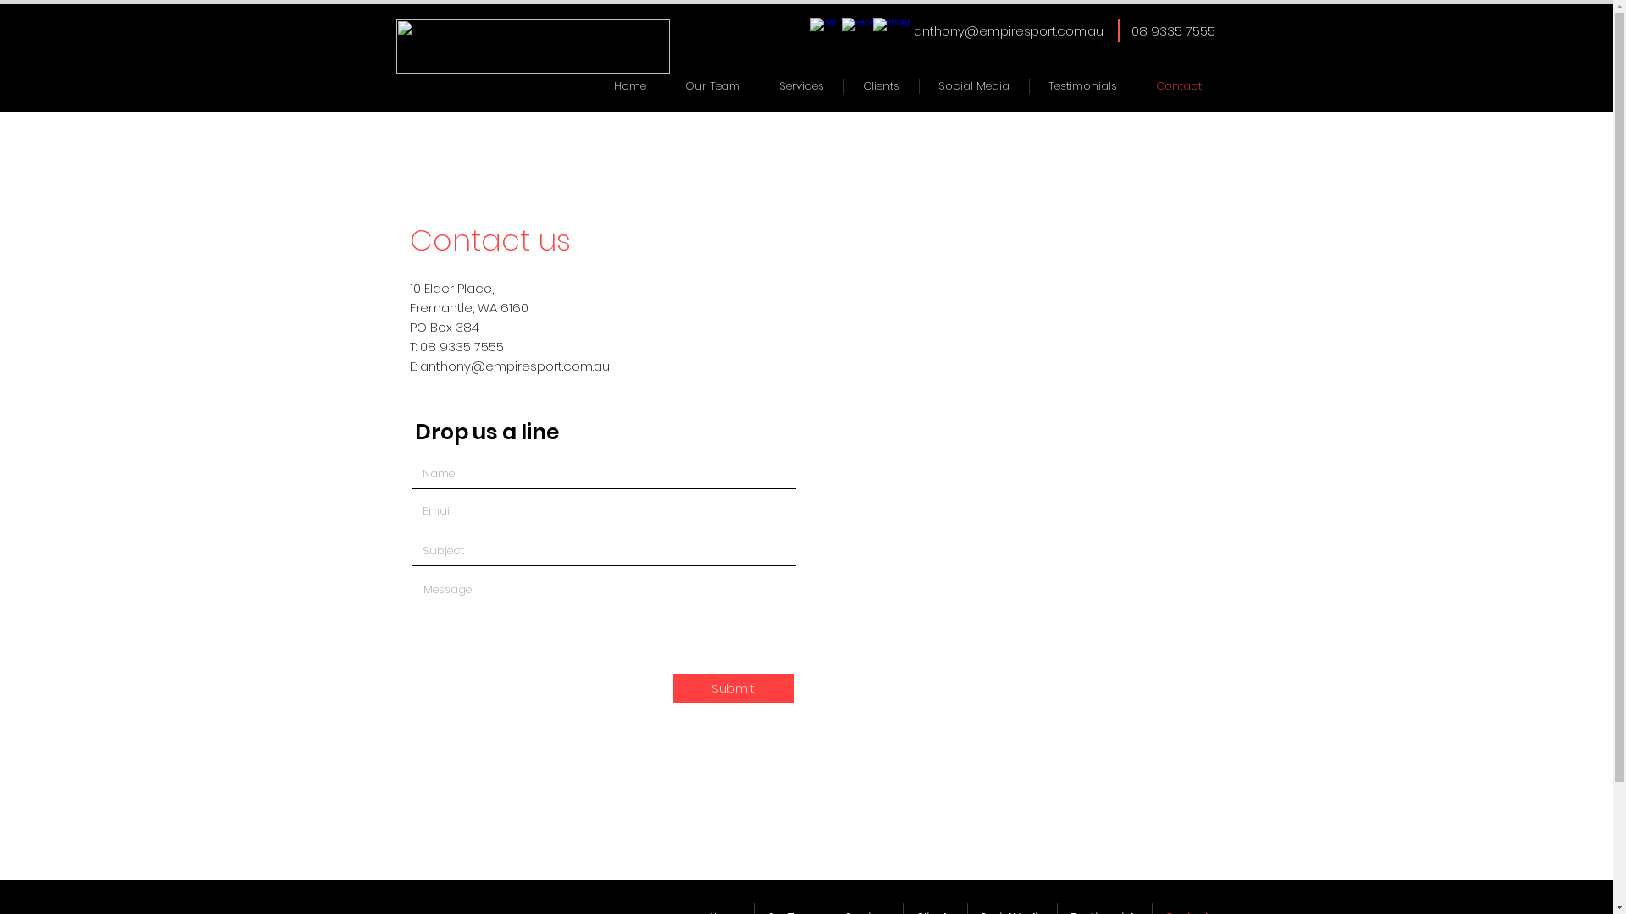 The height and width of the screenshot is (914, 1626). What do you see at coordinates (711, 85) in the screenshot?
I see `'Our Team'` at bounding box center [711, 85].